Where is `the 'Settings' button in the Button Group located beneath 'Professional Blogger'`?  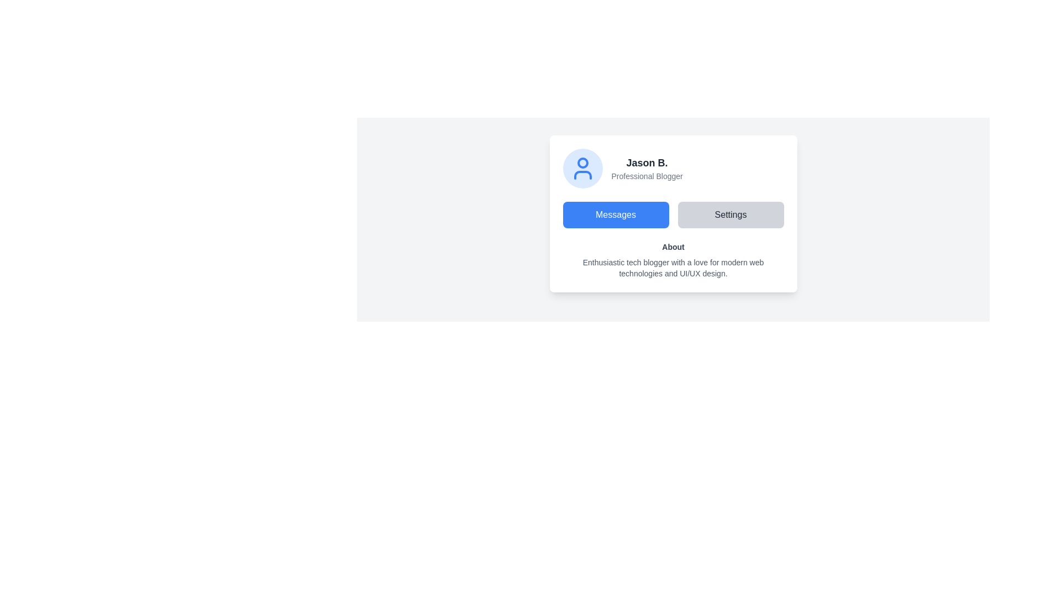 the 'Settings' button in the Button Group located beneath 'Professional Blogger' is located at coordinates (673, 215).